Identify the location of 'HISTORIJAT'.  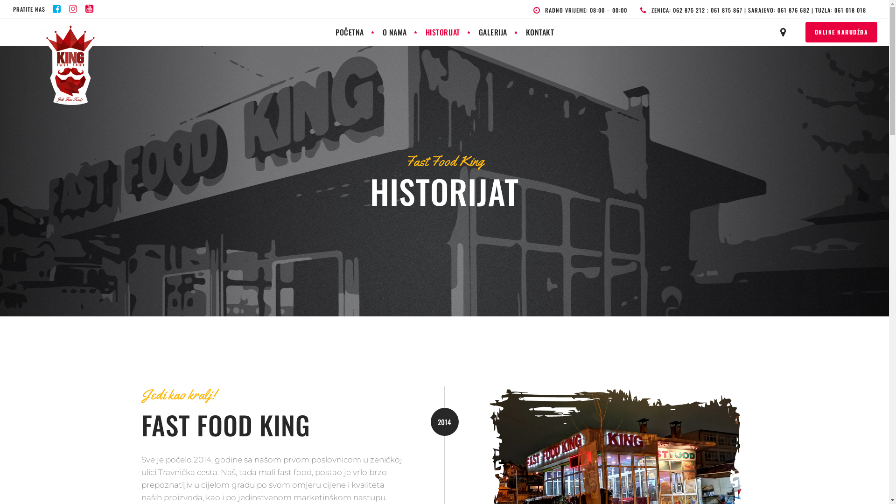
(442, 32).